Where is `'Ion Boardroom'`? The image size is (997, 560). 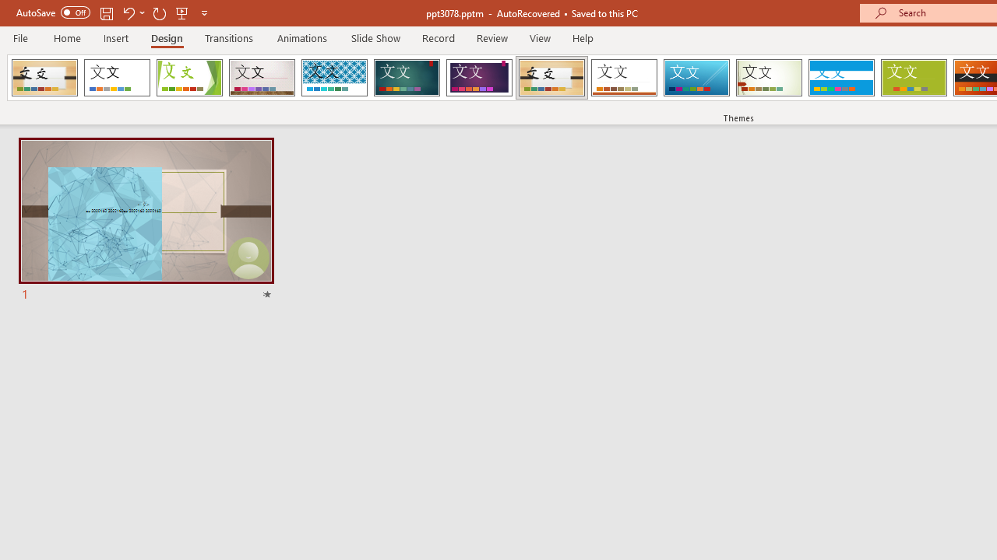 'Ion Boardroom' is located at coordinates (478, 78).